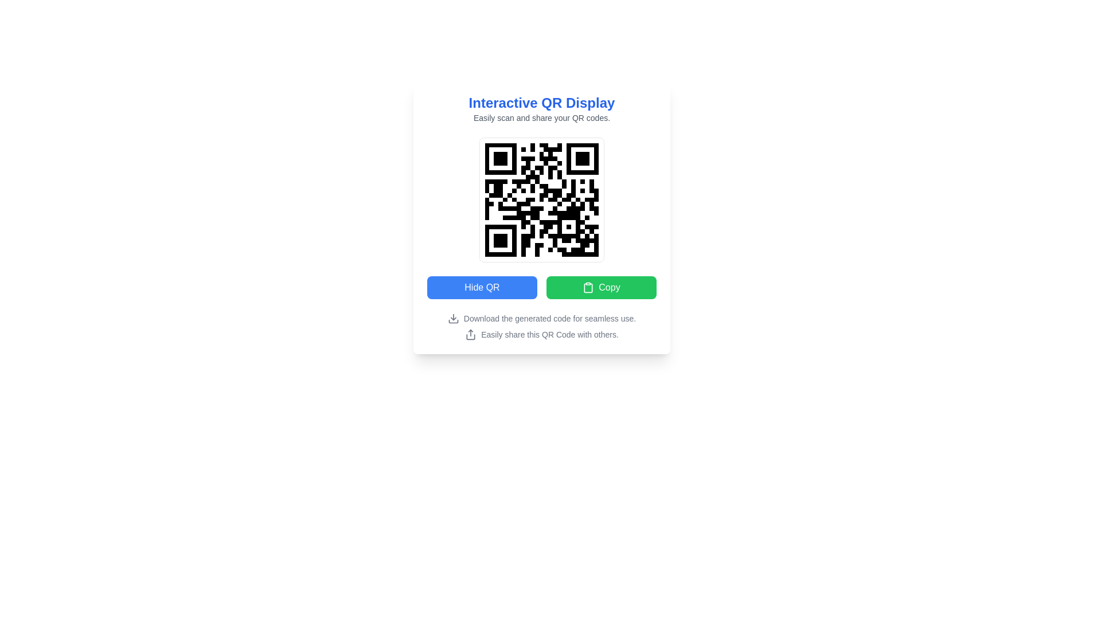 The height and width of the screenshot is (619, 1101). What do you see at coordinates (588, 287) in the screenshot?
I see `the main body of the clipboard icon, which visually conveys the concept of copying or saving information, located towards the bottom-right corner of the interface` at bounding box center [588, 287].